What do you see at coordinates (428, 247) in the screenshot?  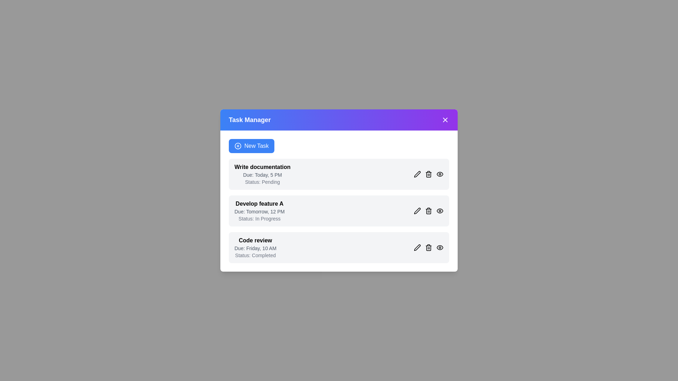 I see `'Delete' button for the task titled 'Code review'` at bounding box center [428, 247].